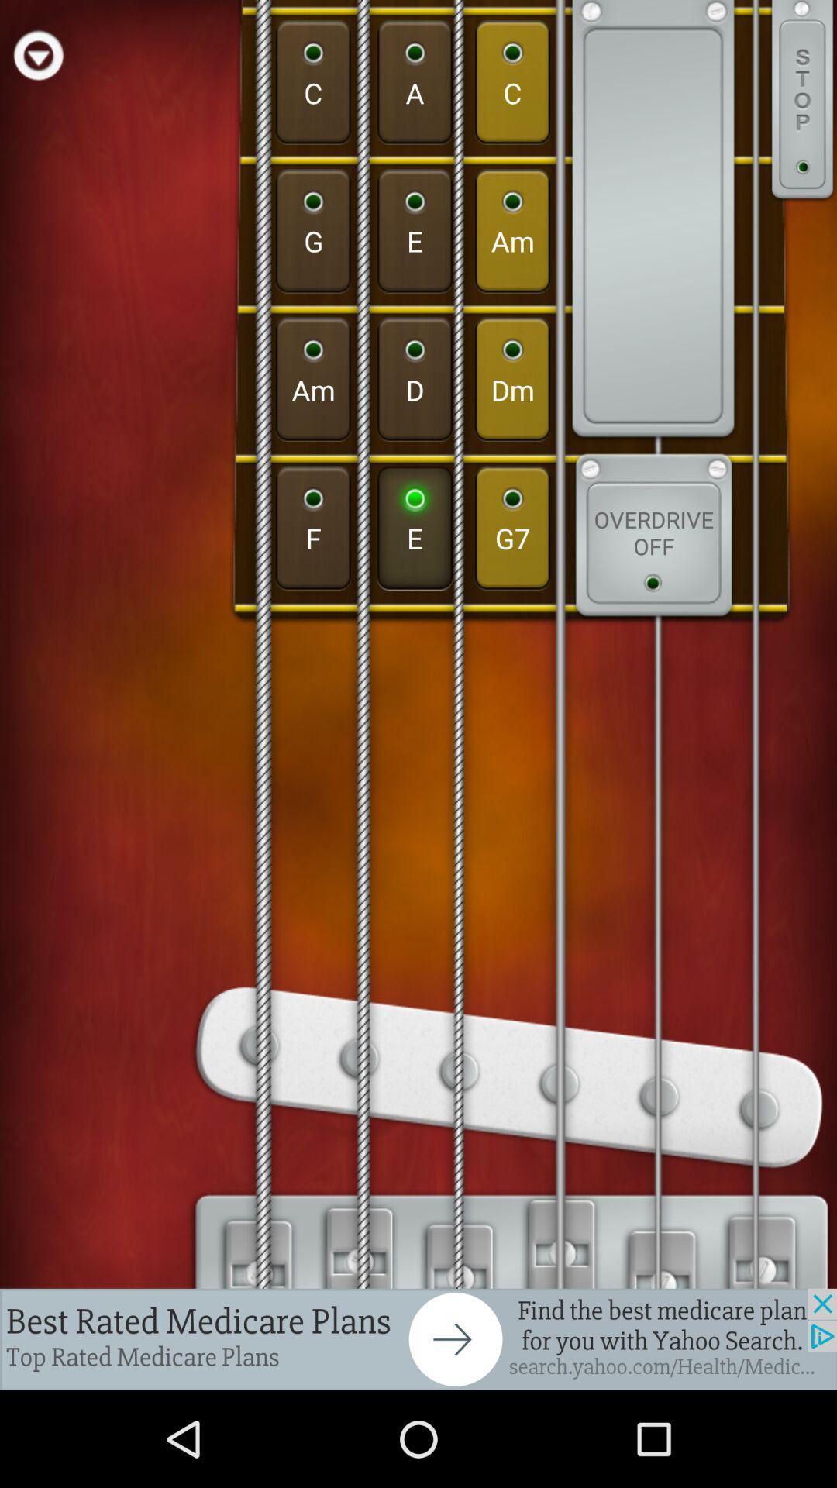 Image resolution: width=837 pixels, height=1488 pixels. Describe the element at coordinates (37, 58) in the screenshot. I see `the expand_more icon` at that location.